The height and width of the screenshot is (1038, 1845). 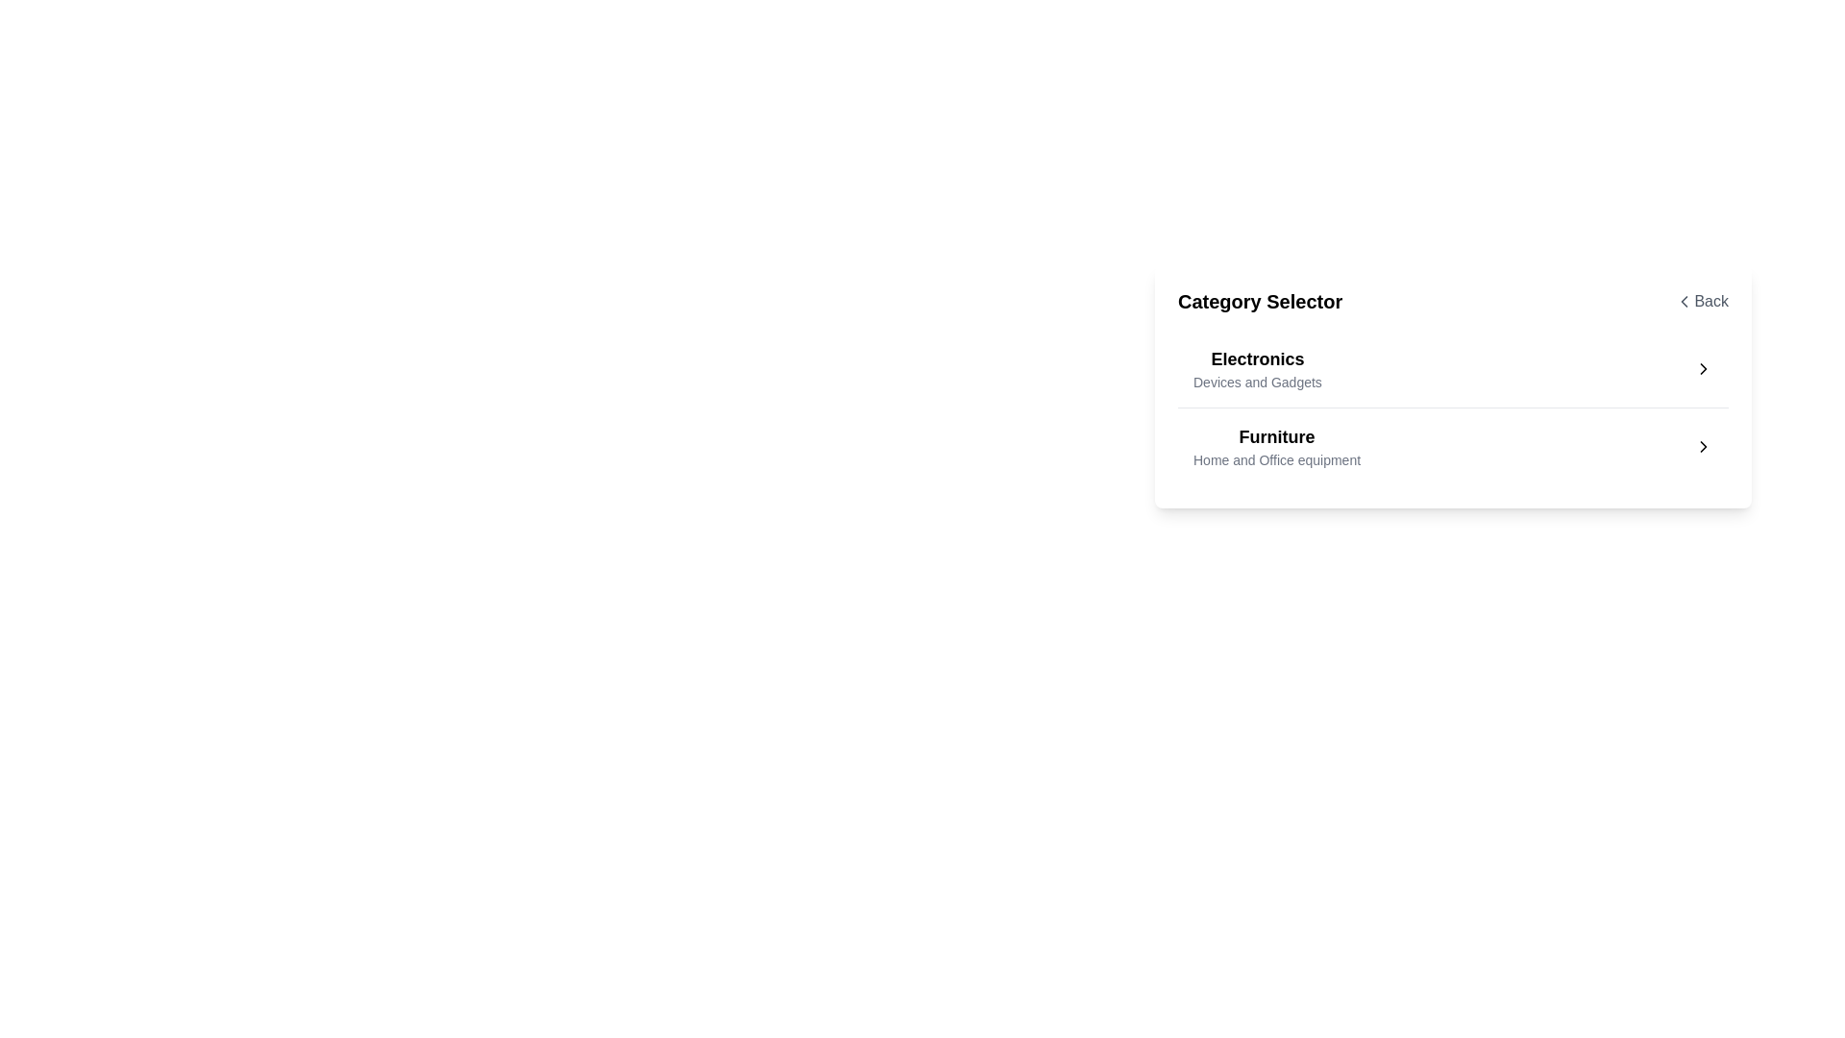 What do you see at coordinates (1257, 359) in the screenshot?
I see `text label indicating the category 'Electronics', which serves as a title for the section, located in the category selection interface above 'Furniture'` at bounding box center [1257, 359].